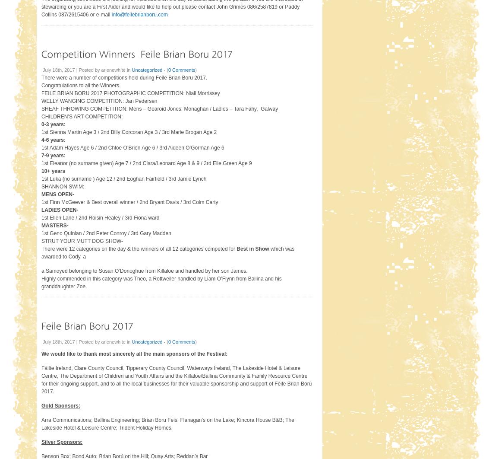 Image resolution: width=492 pixels, height=459 pixels. Describe the element at coordinates (62, 441) in the screenshot. I see `'Silver Sponsors:'` at that location.